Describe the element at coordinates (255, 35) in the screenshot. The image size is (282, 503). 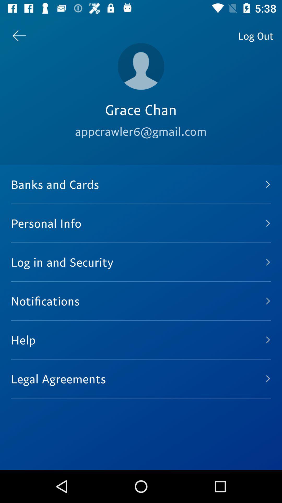
I see `log out at the top right corner` at that location.